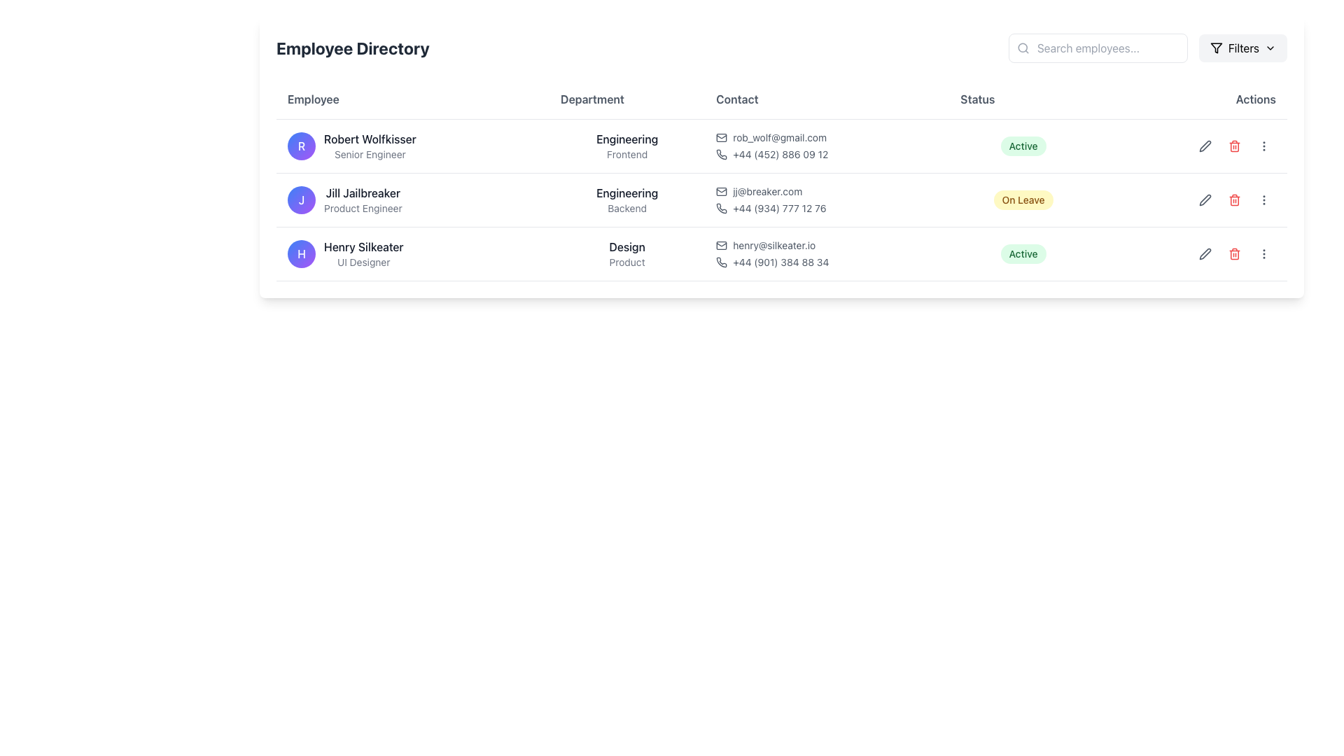 The width and height of the screenshot is (1344, 756). Describe the element at coordinates (1204, 199) in the screenshot. I see `the edit icon in the 'Actions' column of the second row` at that location.